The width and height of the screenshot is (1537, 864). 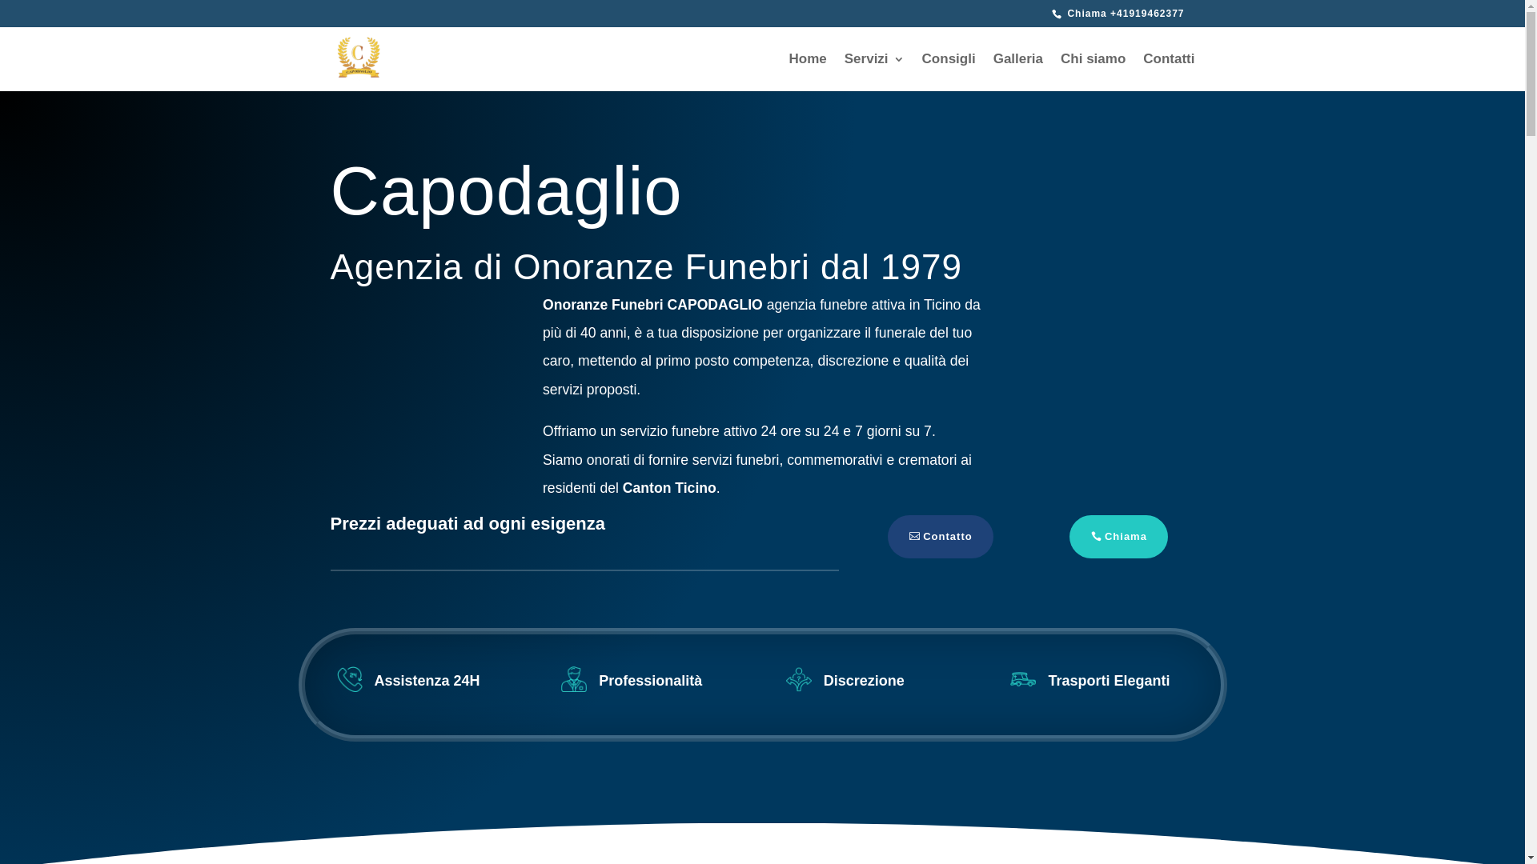 What do you see at coordinates (1168, 72) in the screenshot?
I see `'Contatti'` at bounding box center [1168, 72].